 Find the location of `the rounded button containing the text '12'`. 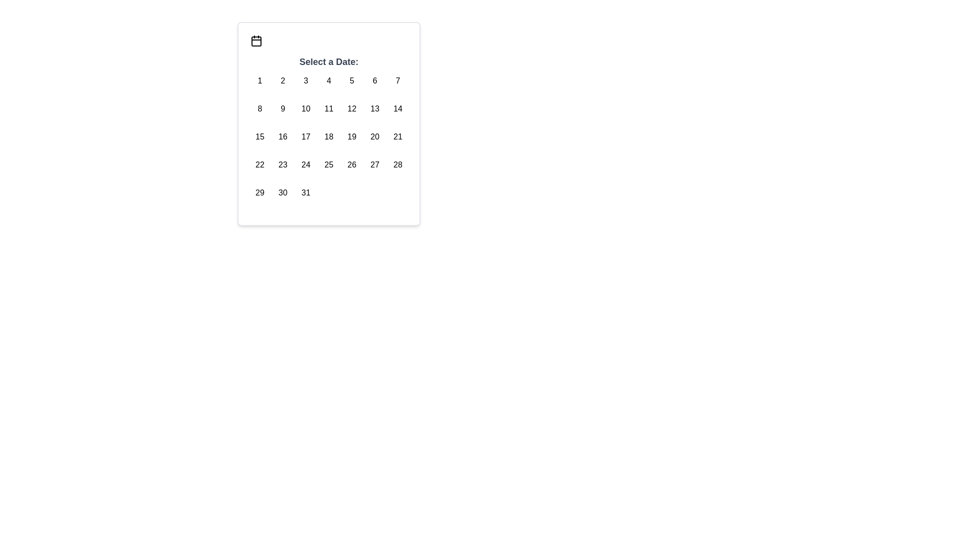

the rounded button containing the text '12' is located at coordinates (352, 109).